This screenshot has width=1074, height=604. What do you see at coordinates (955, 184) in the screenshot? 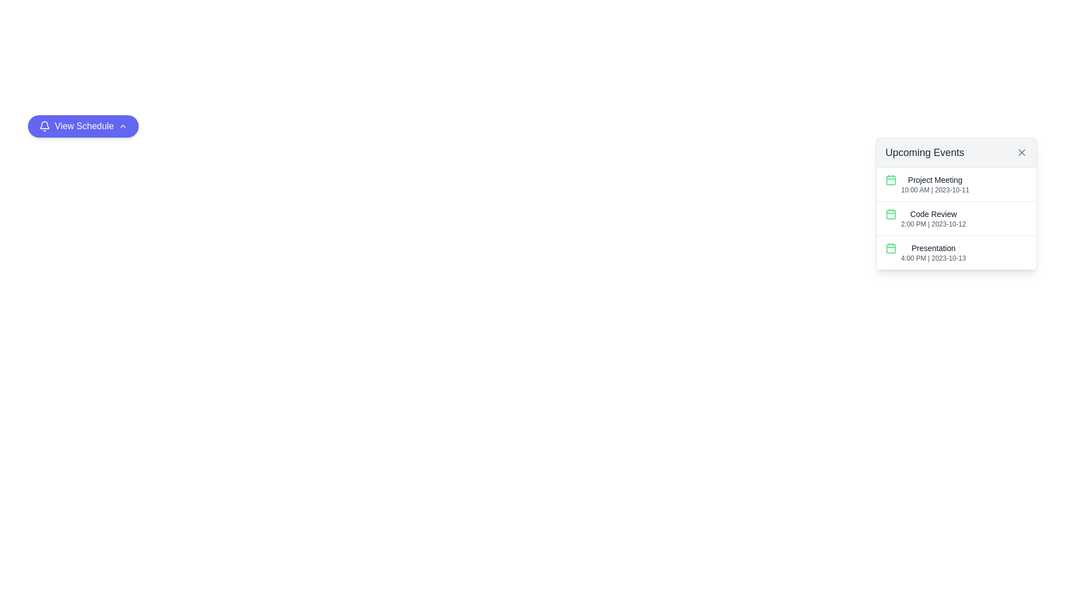
I see `the topmost list item in the 'Upcoming Events' panel` at bounding box center [955, 184].